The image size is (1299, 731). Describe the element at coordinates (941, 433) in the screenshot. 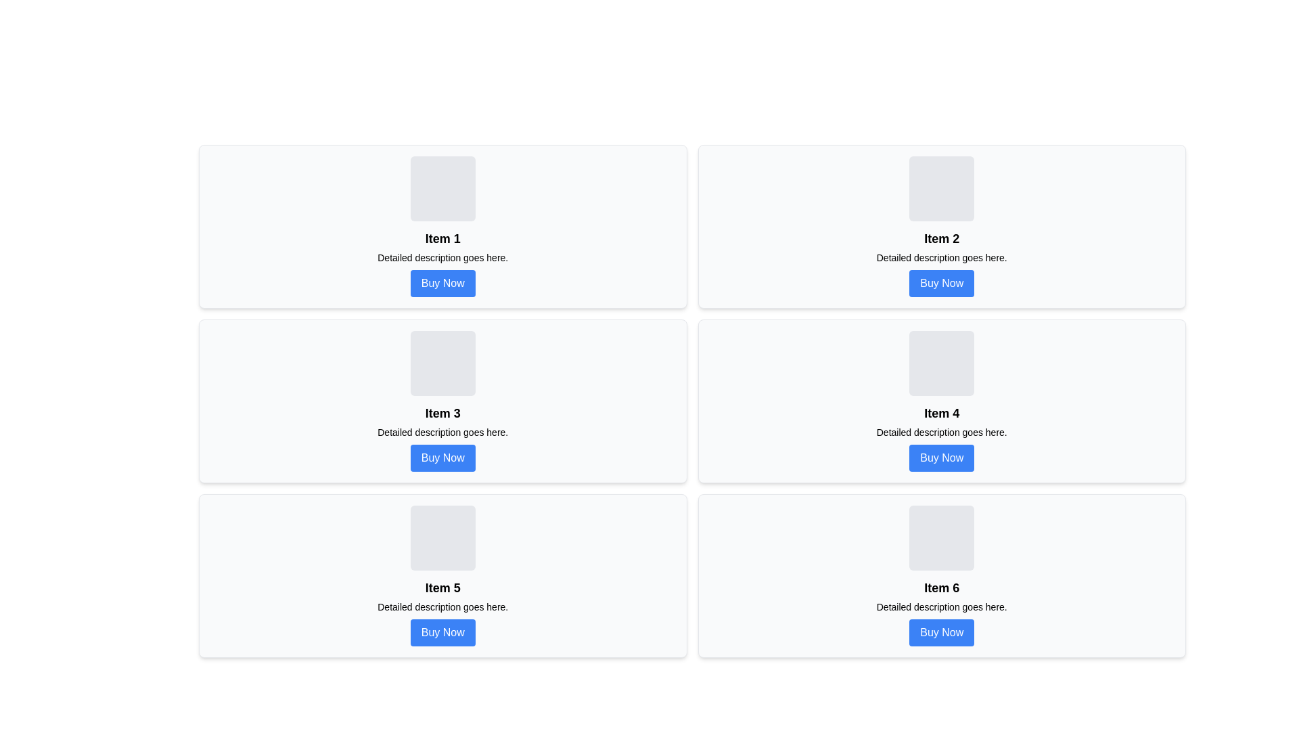

I see `the static text element located beneath the title 'Item 4' and above the 'Buy Now' button within the card labeled 'Item 4' in the second row, second column of the grid layout` at that location.